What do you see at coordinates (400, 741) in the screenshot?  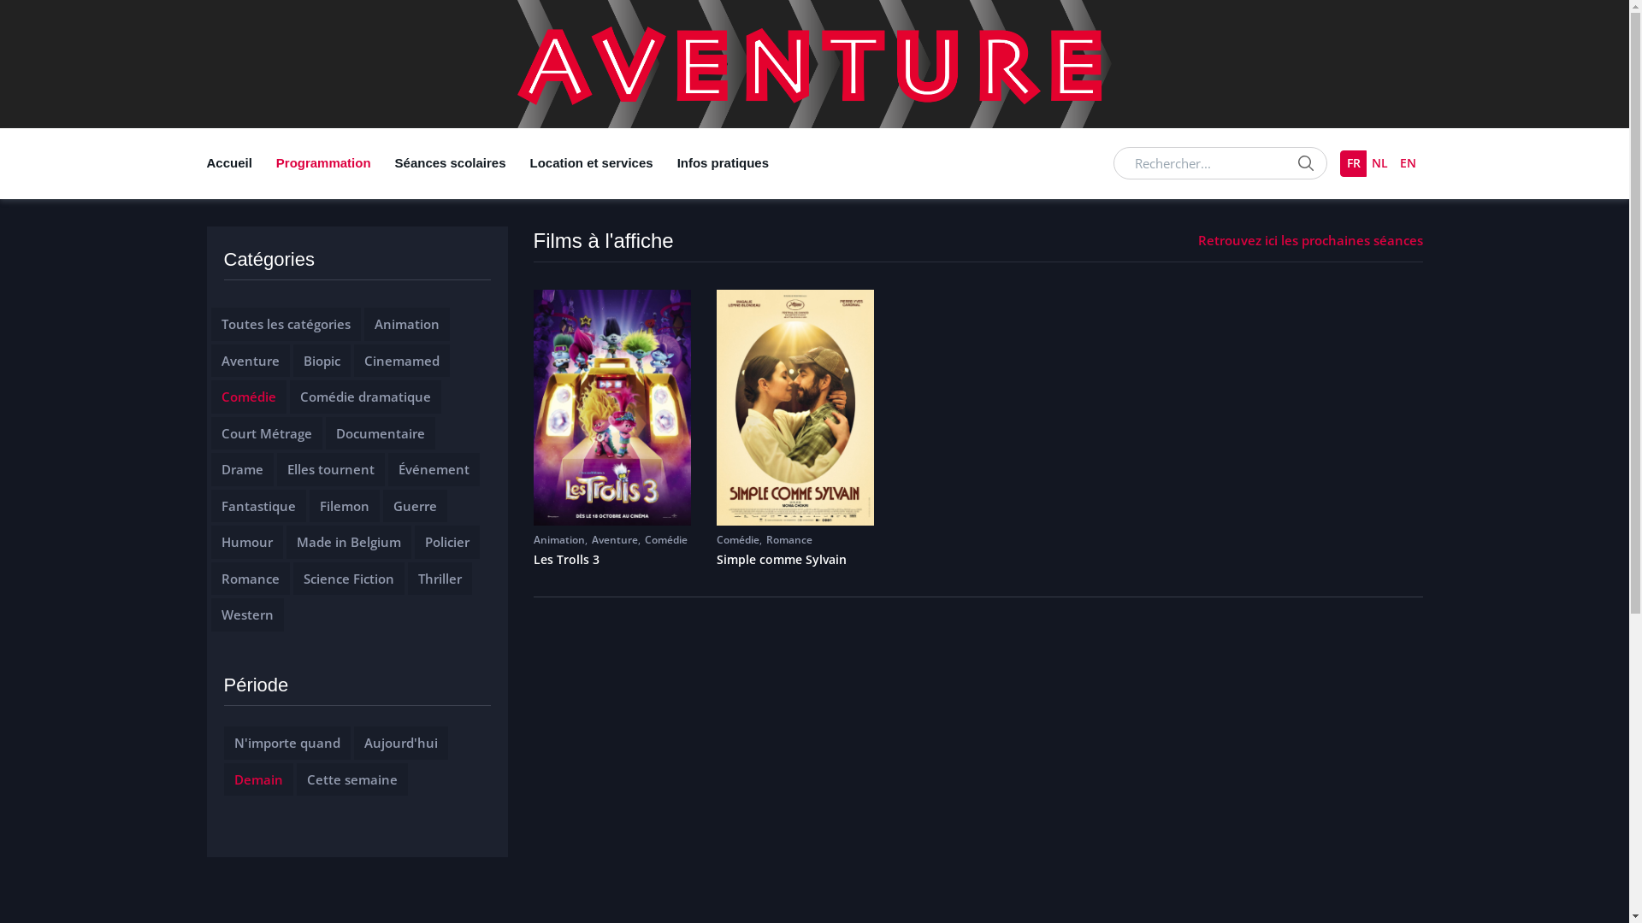 I see `'Aujourd'hui'` at bounding box center [400, 741].